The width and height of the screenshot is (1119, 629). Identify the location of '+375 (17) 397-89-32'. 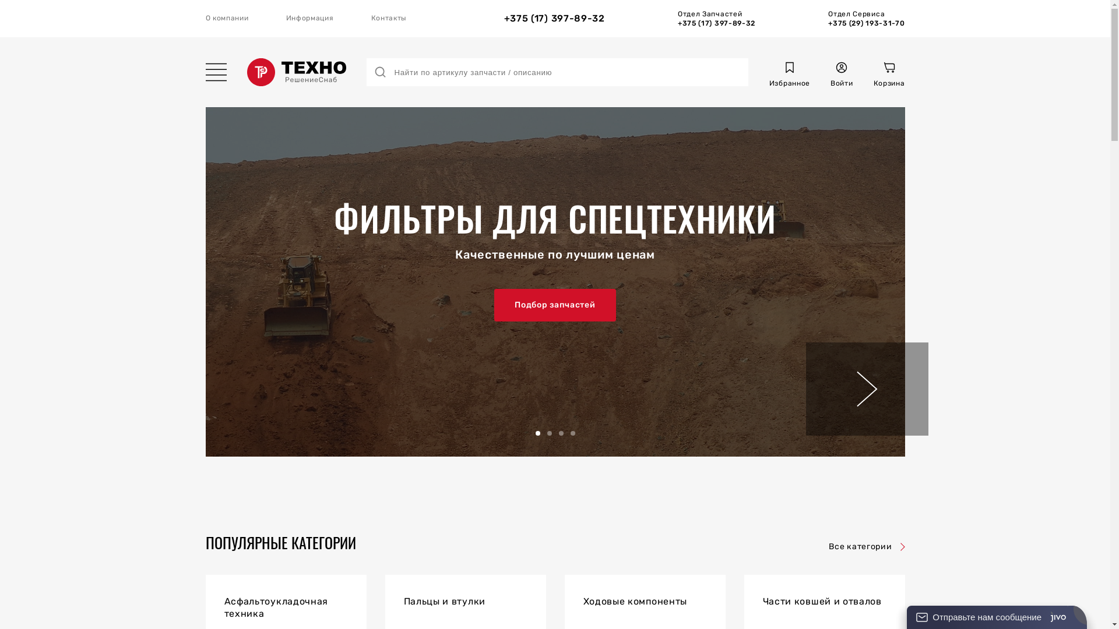
(504, 18).